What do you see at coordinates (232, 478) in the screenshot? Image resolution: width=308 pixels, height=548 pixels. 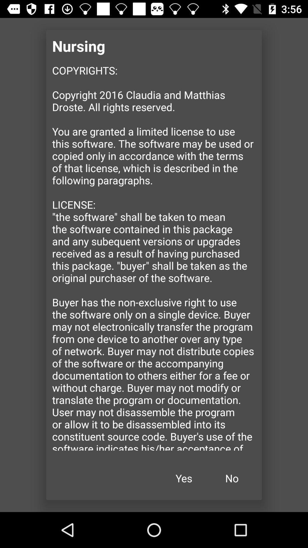 I see `the icon at the bottom right corner` at bounding box center [232, 478].